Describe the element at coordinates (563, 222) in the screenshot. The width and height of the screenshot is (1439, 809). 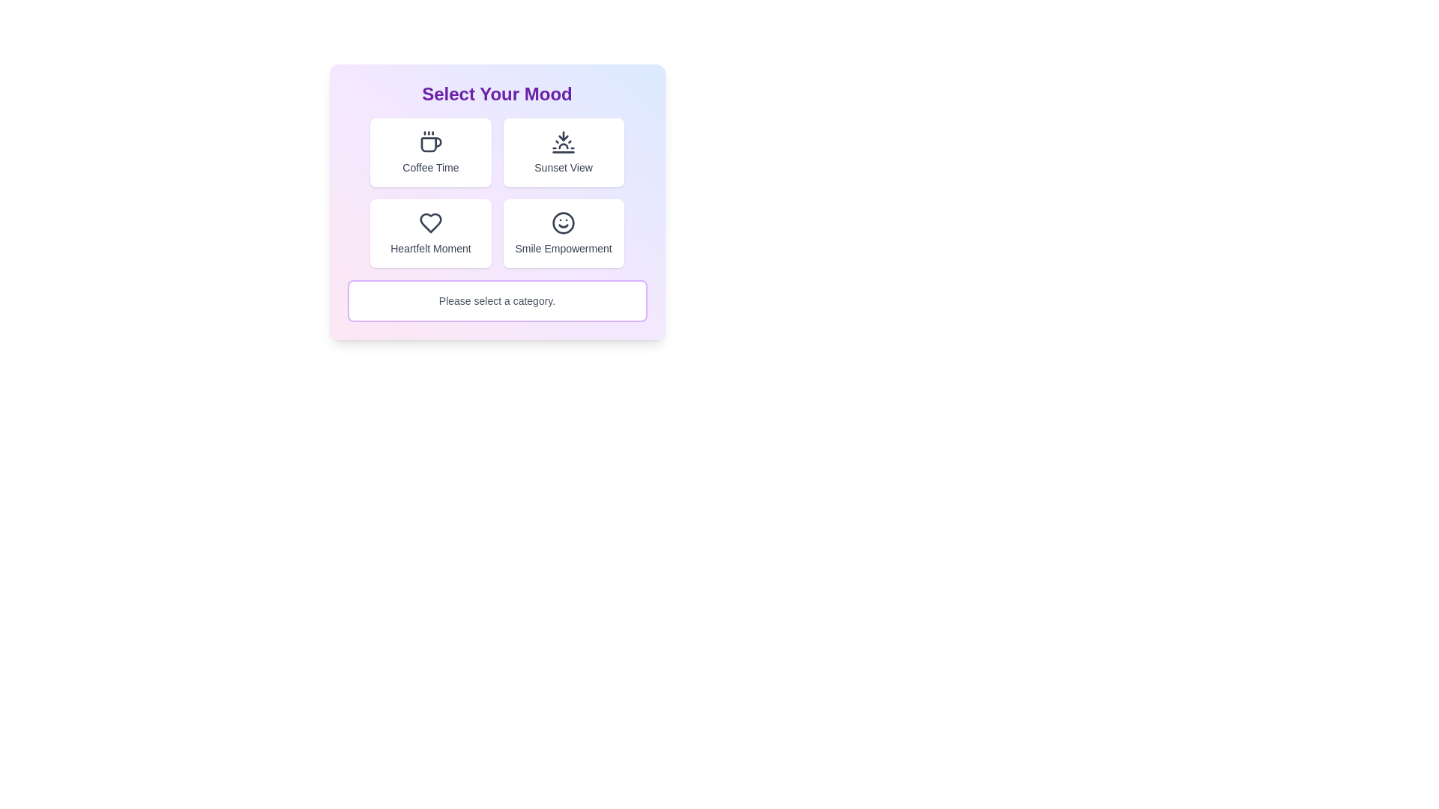
I see `the 'Smile Empowerment' button represented by the graphic circle located in the lower right of the 'Select Your Mood' panel` at that location.